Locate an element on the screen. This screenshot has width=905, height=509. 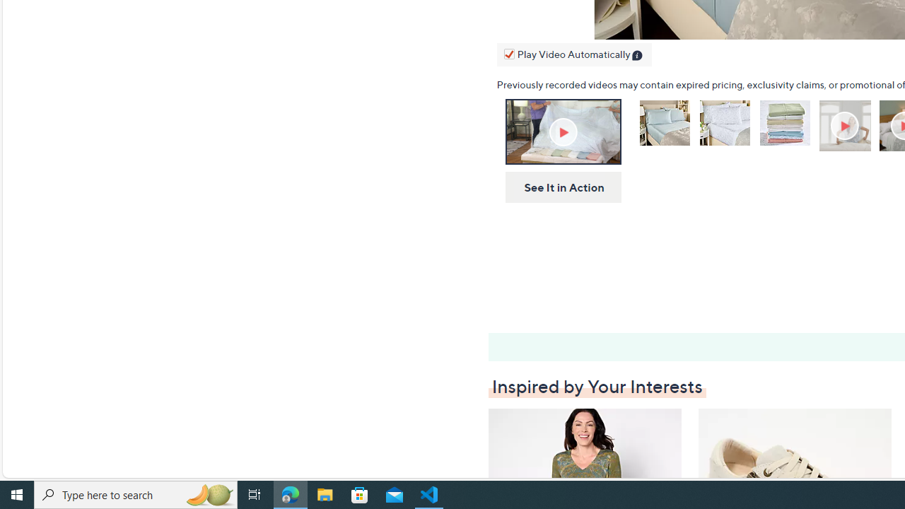
'See It in Action' is located at coordinates (558, 187).